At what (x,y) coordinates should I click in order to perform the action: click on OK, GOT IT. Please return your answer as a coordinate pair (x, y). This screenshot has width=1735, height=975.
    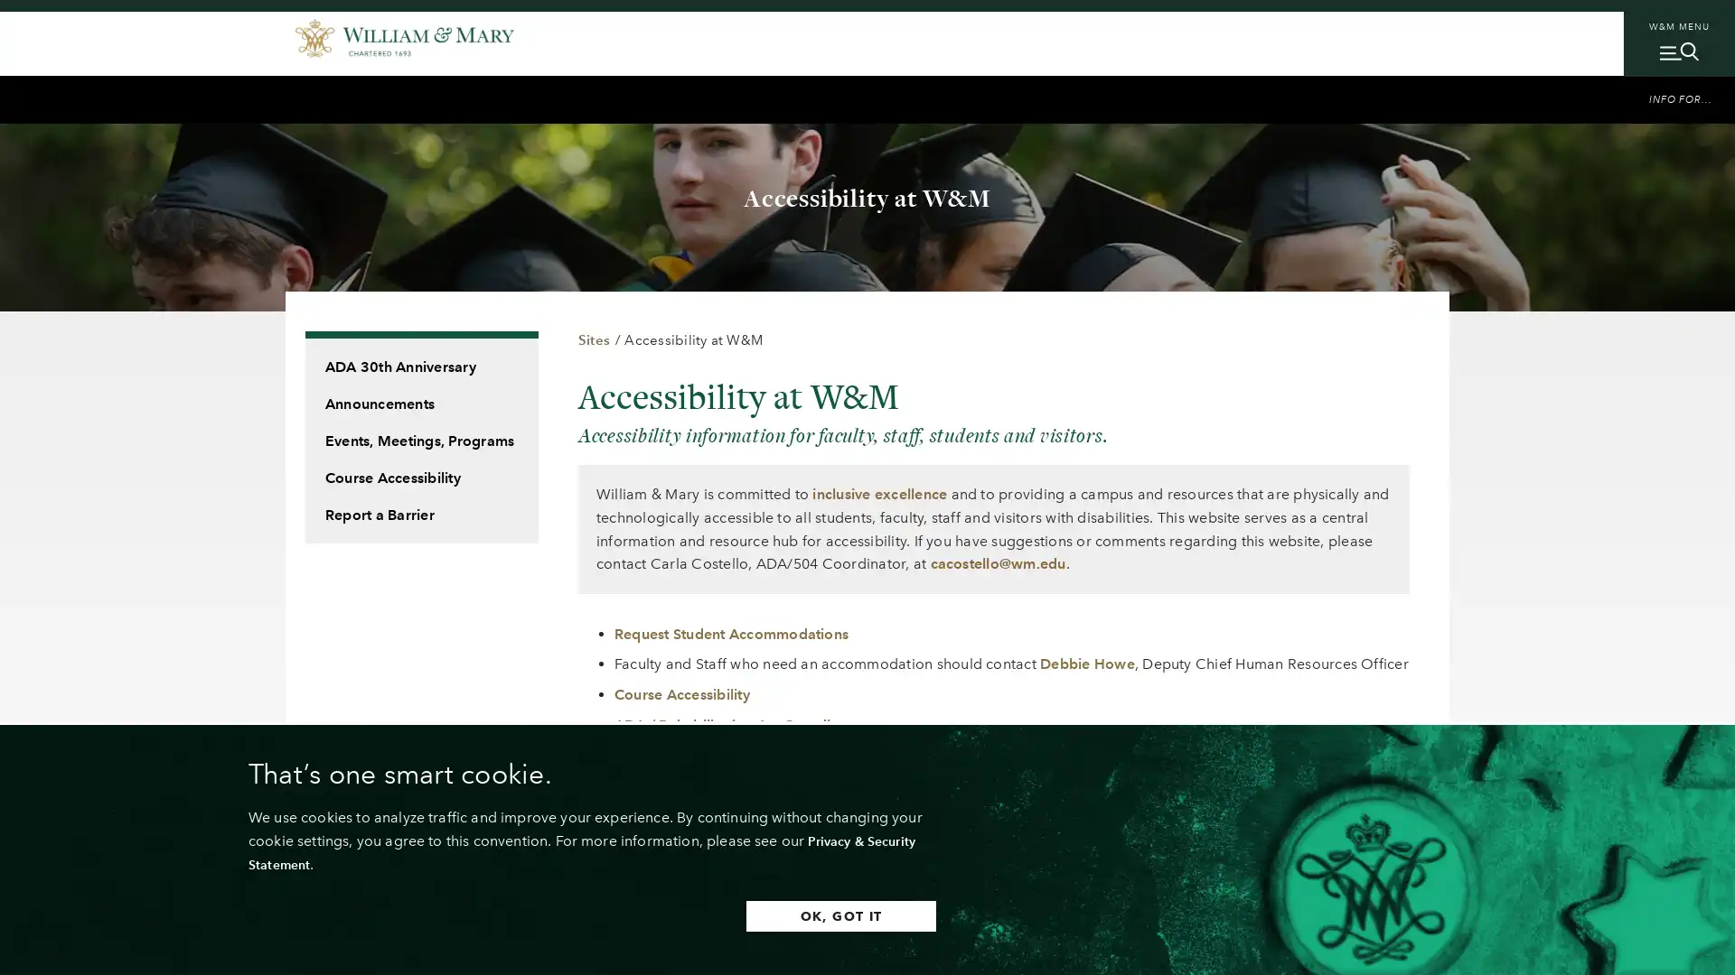
    Looking at the image, I should click on (803, 915).